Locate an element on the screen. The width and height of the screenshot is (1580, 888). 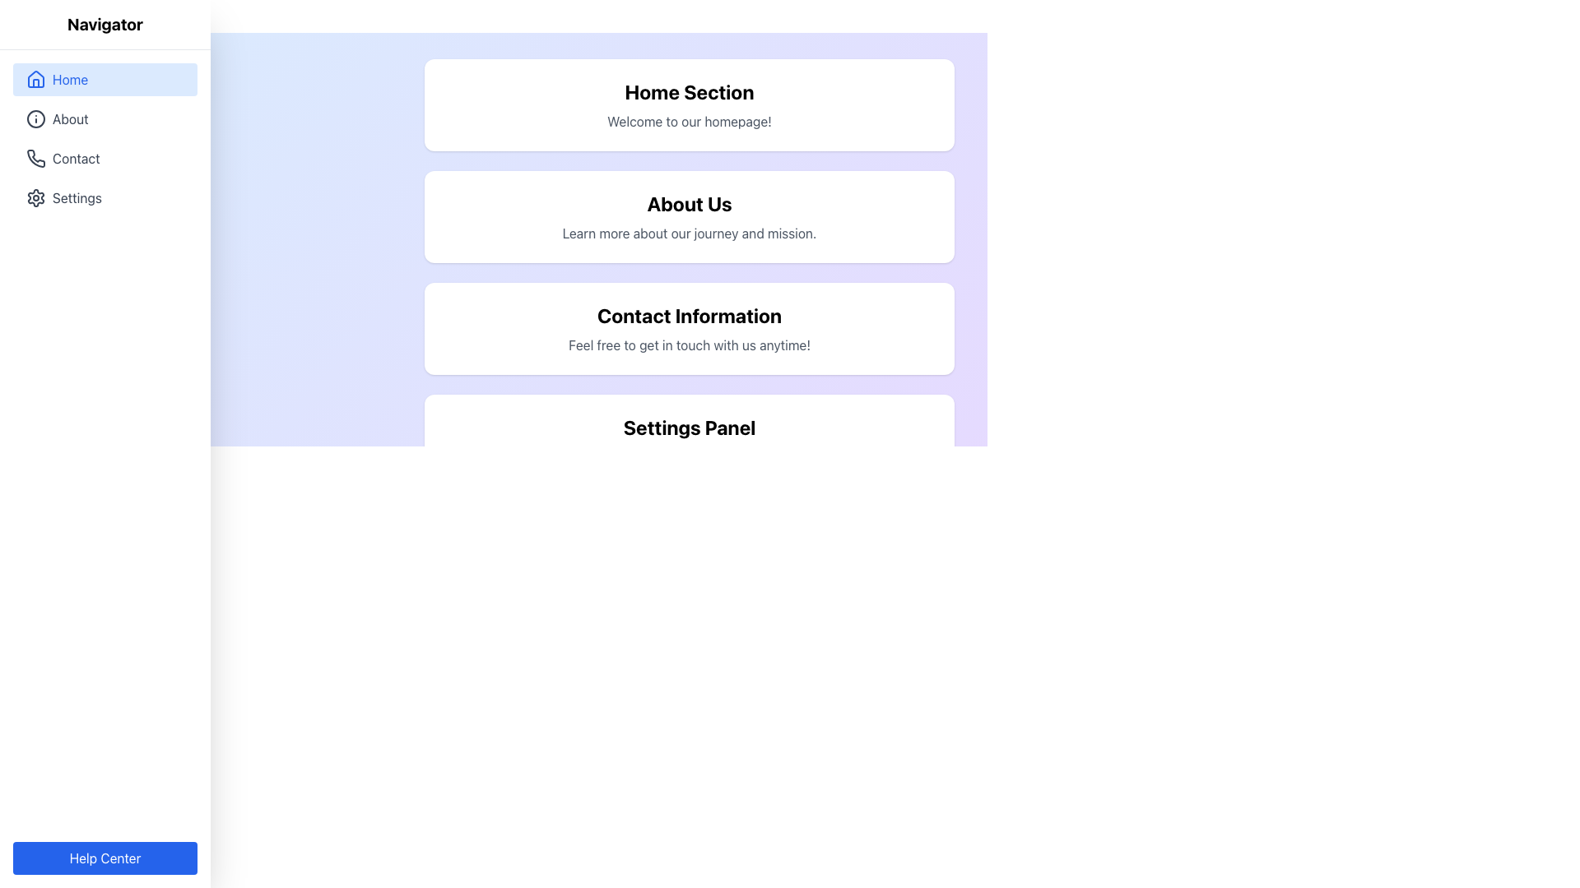
the SVG Circle element that represents the 'About' icon in the vertical navigation menu, located between the 'Home' and 'Contact' icons is located at coordinates (35, 118).